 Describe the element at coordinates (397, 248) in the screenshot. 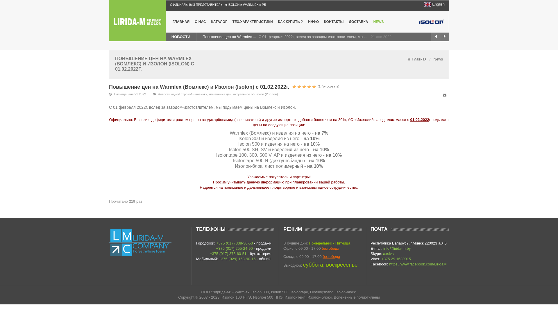

I see `'info@lirida-m.by'` at that location.